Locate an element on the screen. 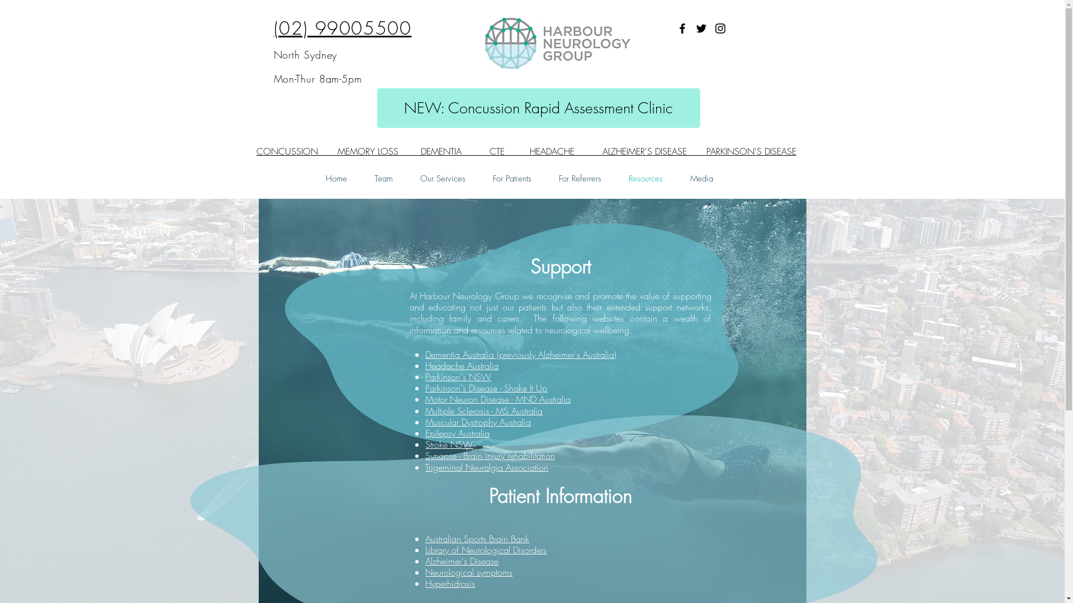 Image resolution: width=1073 pixels, height=603 pixels. 'Our Services' is located at coordinates (442, 178).